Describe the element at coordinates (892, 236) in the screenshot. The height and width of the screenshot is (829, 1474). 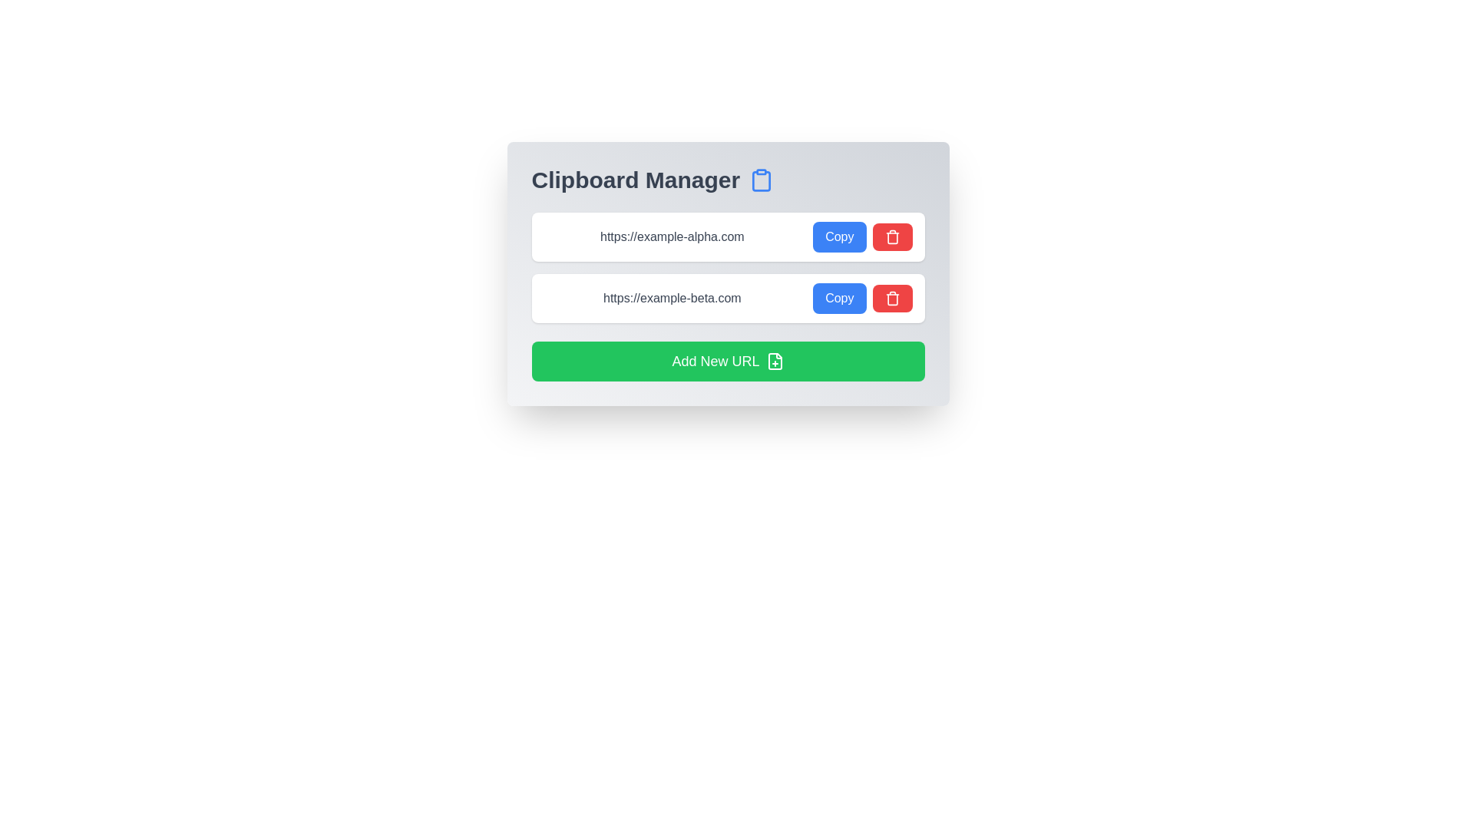
I see `the delete button located immediately to the right of the blue 'Copy' button in the clipboard manager interface` at that location.